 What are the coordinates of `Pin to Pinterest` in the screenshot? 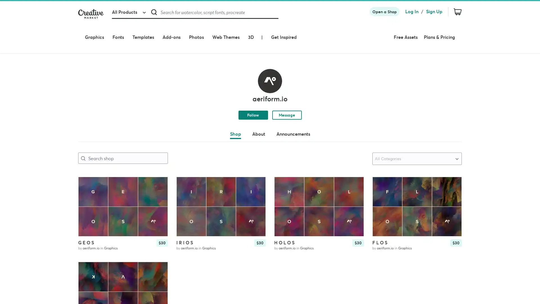 It's located at (185, 166).